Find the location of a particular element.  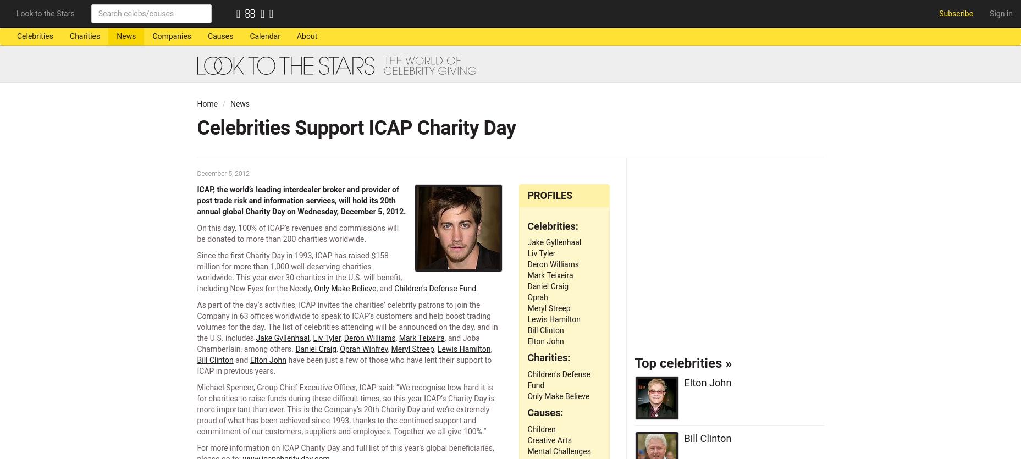

'in previous years.' is located at coordinates (244, 370).